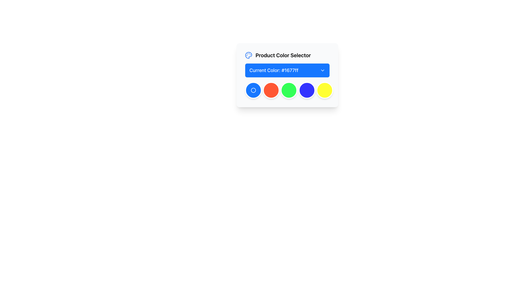 The image size is (509, 286). Describe the element at coordinates (253, 90) in the screenshot. I see `the first circle in the color selection grid` at that location.